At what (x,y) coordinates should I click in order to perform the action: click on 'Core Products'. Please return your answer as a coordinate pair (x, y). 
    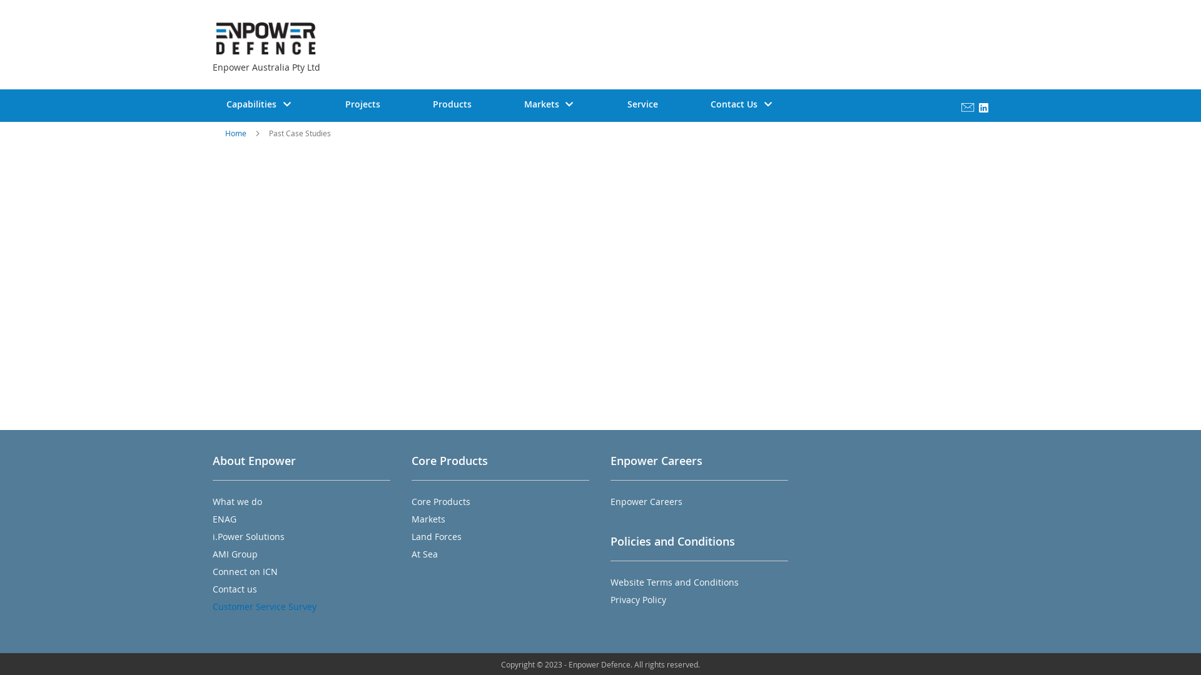
    Looking at the image, I should click on (441, 501).